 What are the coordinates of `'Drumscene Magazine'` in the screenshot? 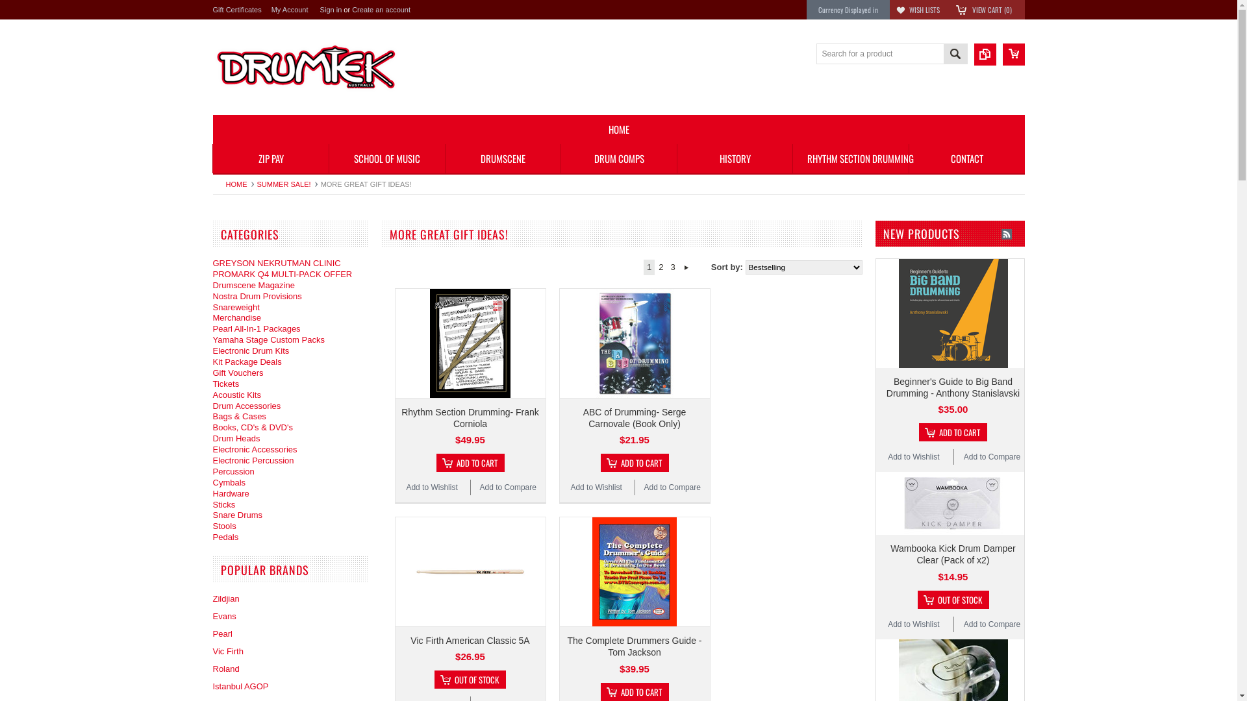 It's located at (253, 284).